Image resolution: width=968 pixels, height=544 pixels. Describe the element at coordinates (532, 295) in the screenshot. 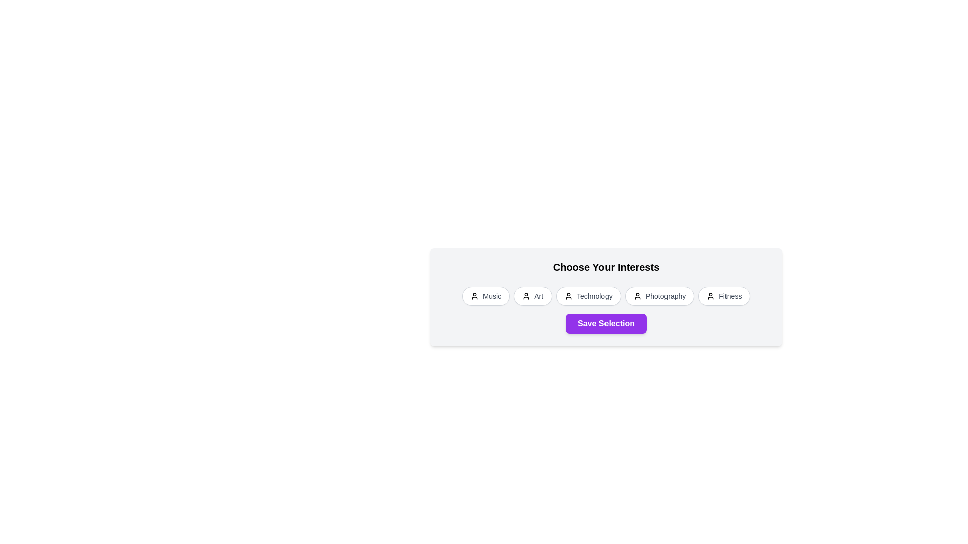

I see `the interest chip labeled 'Art'` at that location.